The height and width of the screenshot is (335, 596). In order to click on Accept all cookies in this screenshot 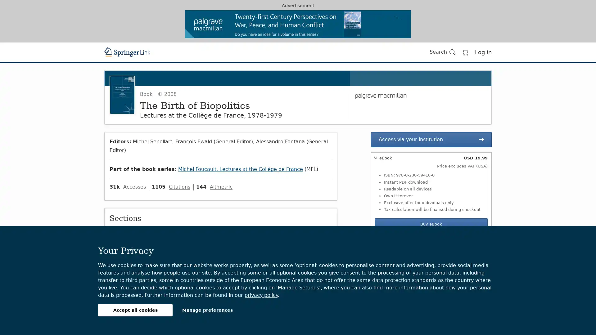, I will do `click(135, 310)`.